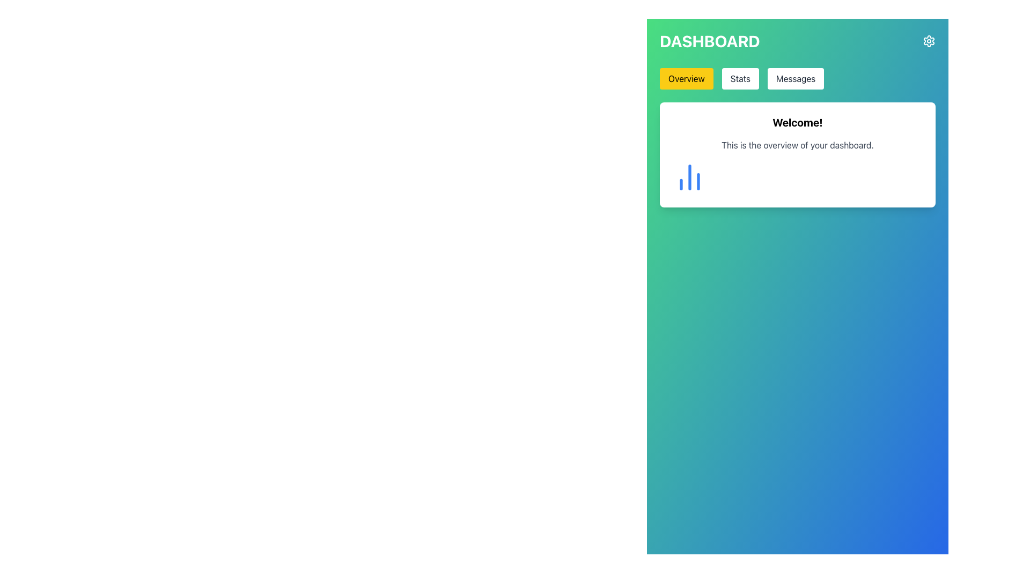 Image resolution: width=1030 pixels, height=579 pixels. I want to click on the third button labeled 'Messages' with a white background and gray text, so click(796, 78).